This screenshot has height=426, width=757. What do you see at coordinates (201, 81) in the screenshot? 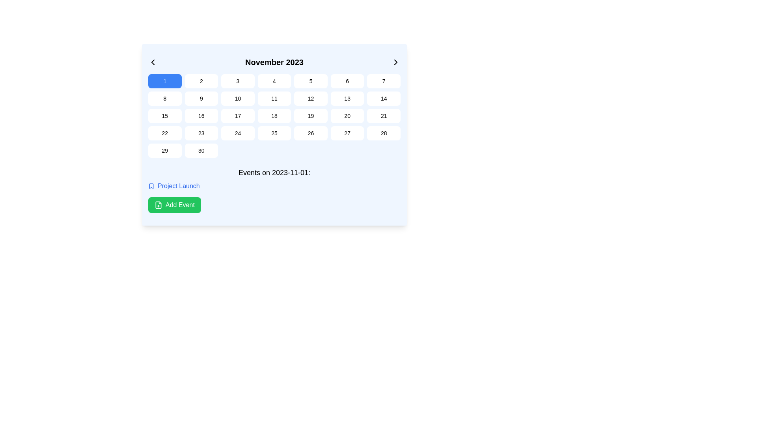
I see `the clickable date cell for the date '2' in the calendar component` at bounding box center [201, 81].